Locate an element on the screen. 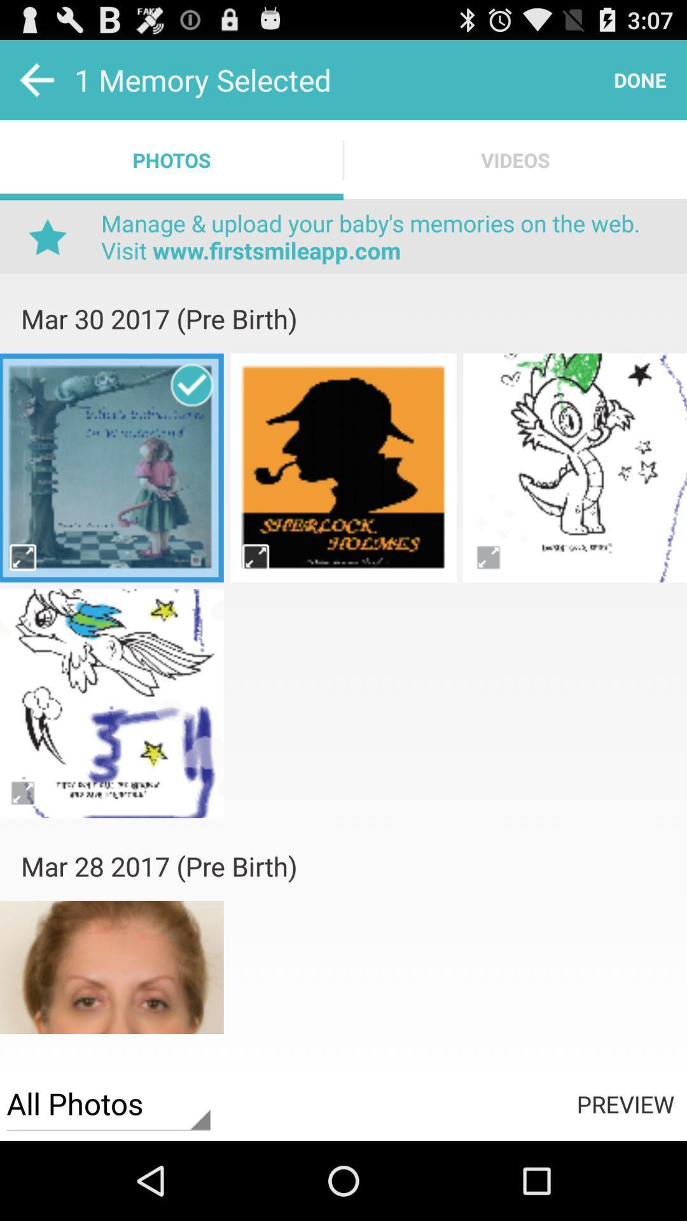 The image size is (687, 1221). photos page is located at coordinates (343, 467).